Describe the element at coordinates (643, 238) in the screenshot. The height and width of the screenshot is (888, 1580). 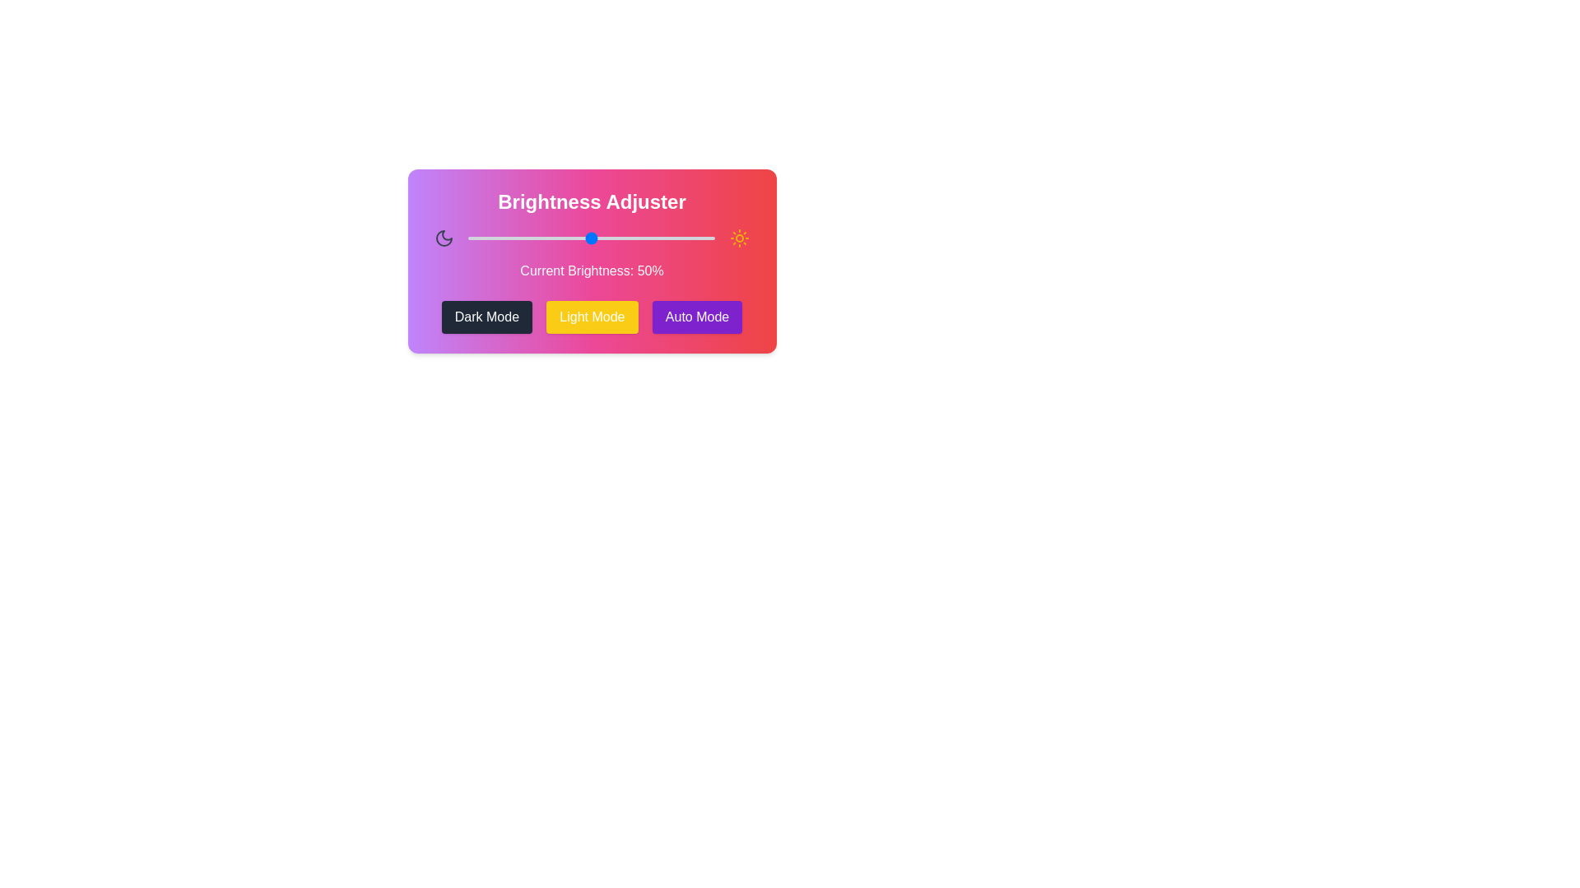
I see `the brightness to 71% by dragging the slider handle` at that location.